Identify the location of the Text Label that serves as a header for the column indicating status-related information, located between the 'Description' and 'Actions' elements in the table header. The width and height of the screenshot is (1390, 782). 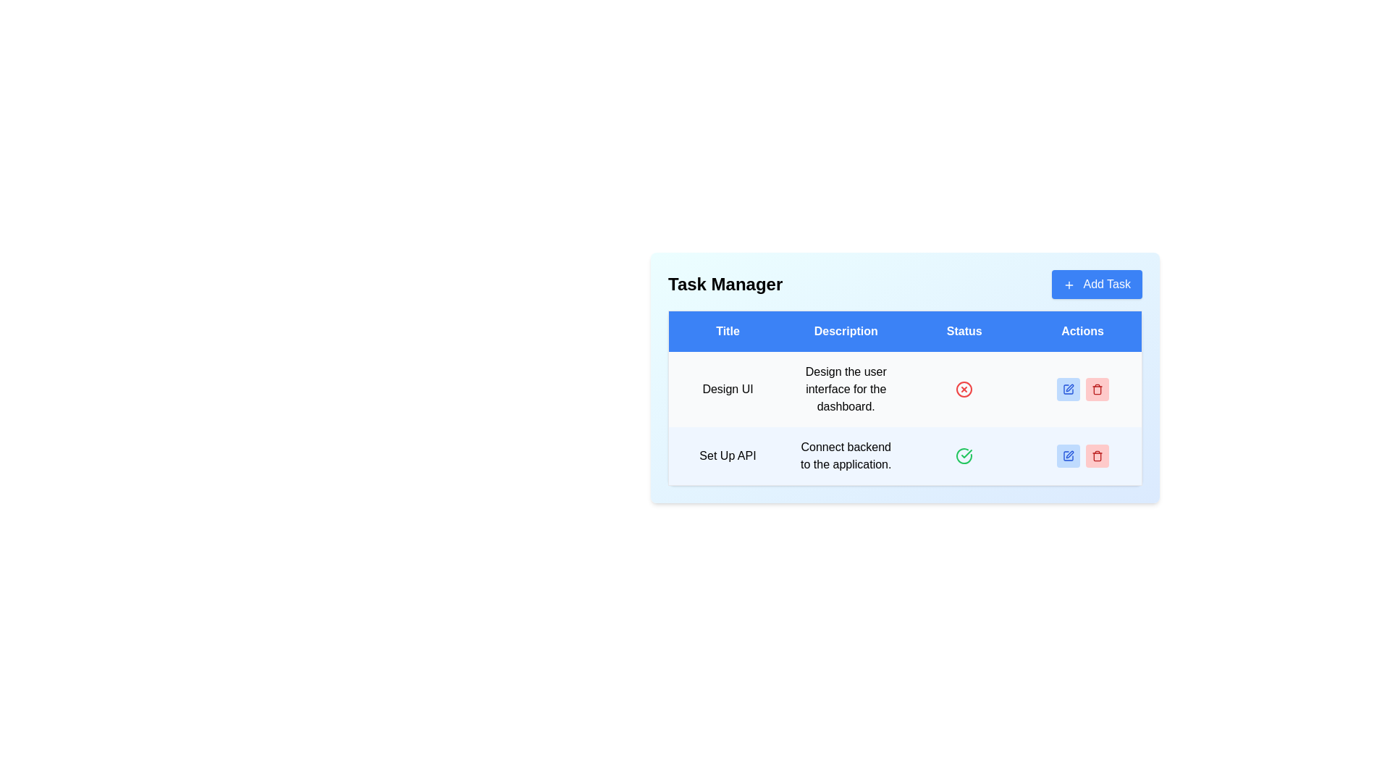
(964, 331).